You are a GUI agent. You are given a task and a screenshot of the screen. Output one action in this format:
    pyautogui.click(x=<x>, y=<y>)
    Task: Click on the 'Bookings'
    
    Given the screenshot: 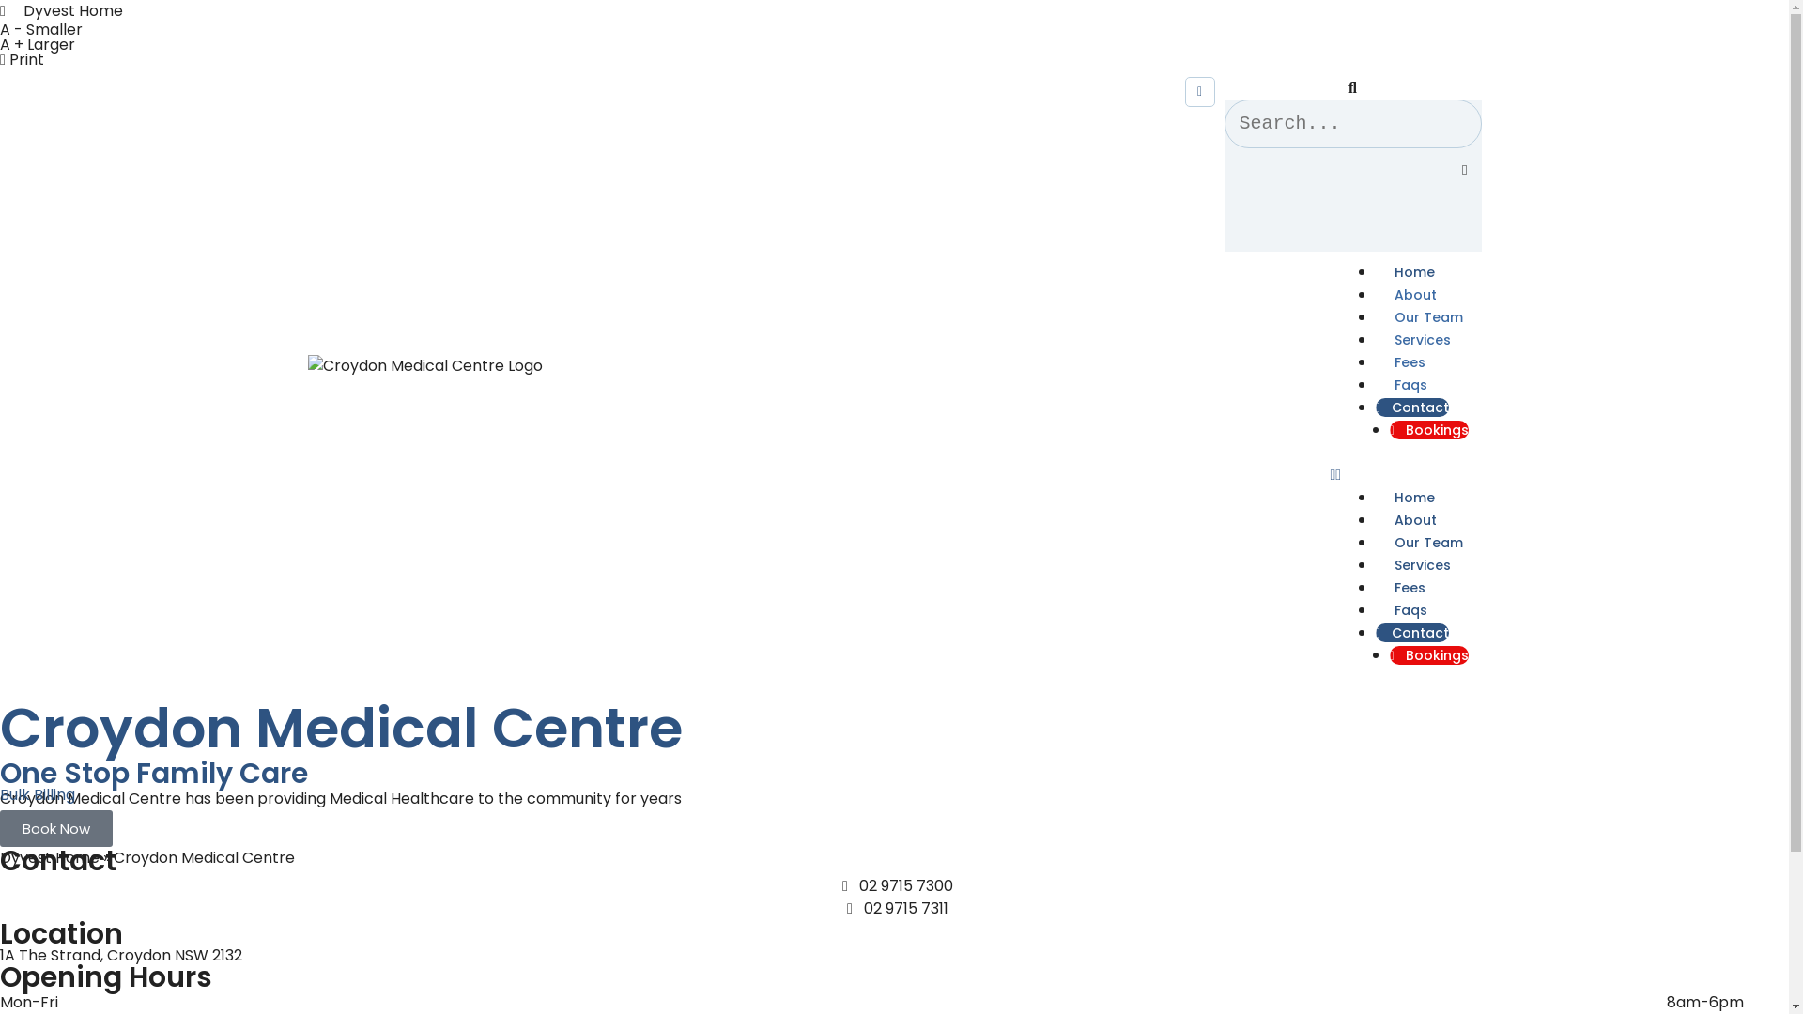 What is the action you would take?
    pyautogui.click(x=1427, y=430)
    